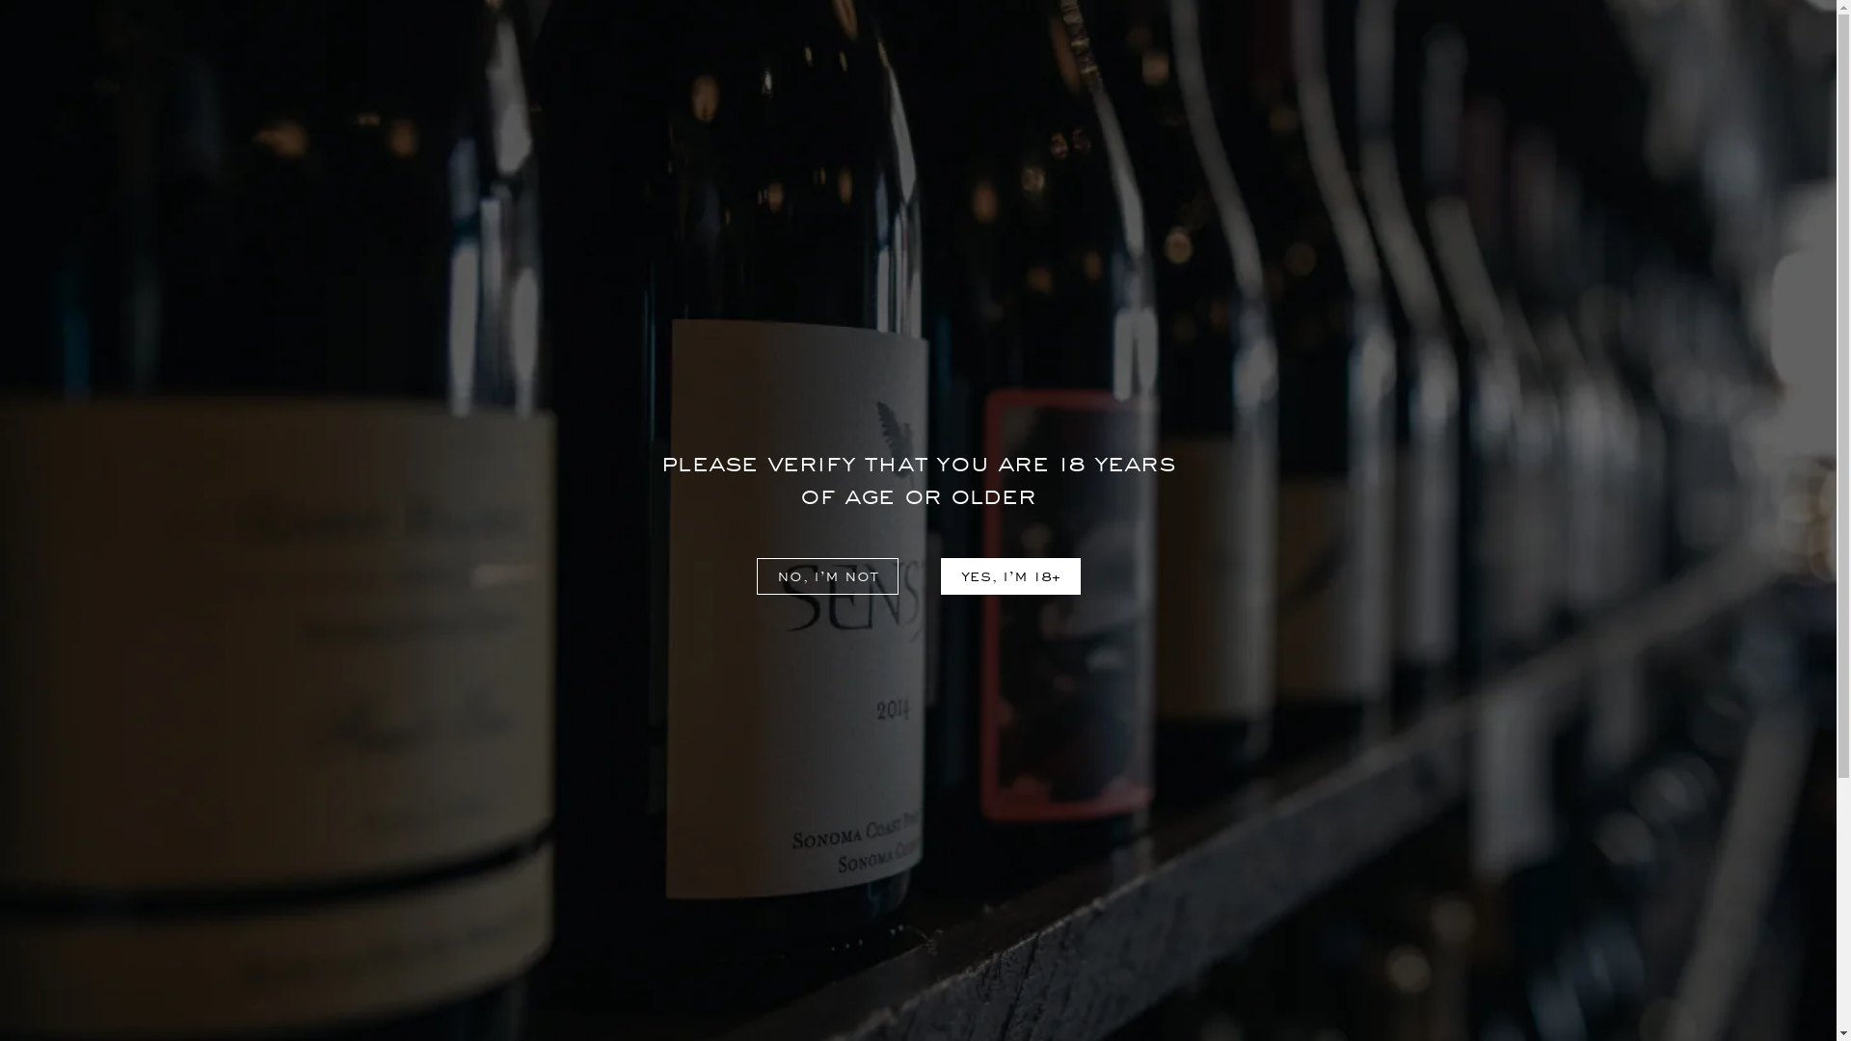 Image resolution: width=1851 pixels, height=1041 pixels. Describe the element at coordinates (299, 928) in the screenshot. I see `'Terms of Service'` at that location.